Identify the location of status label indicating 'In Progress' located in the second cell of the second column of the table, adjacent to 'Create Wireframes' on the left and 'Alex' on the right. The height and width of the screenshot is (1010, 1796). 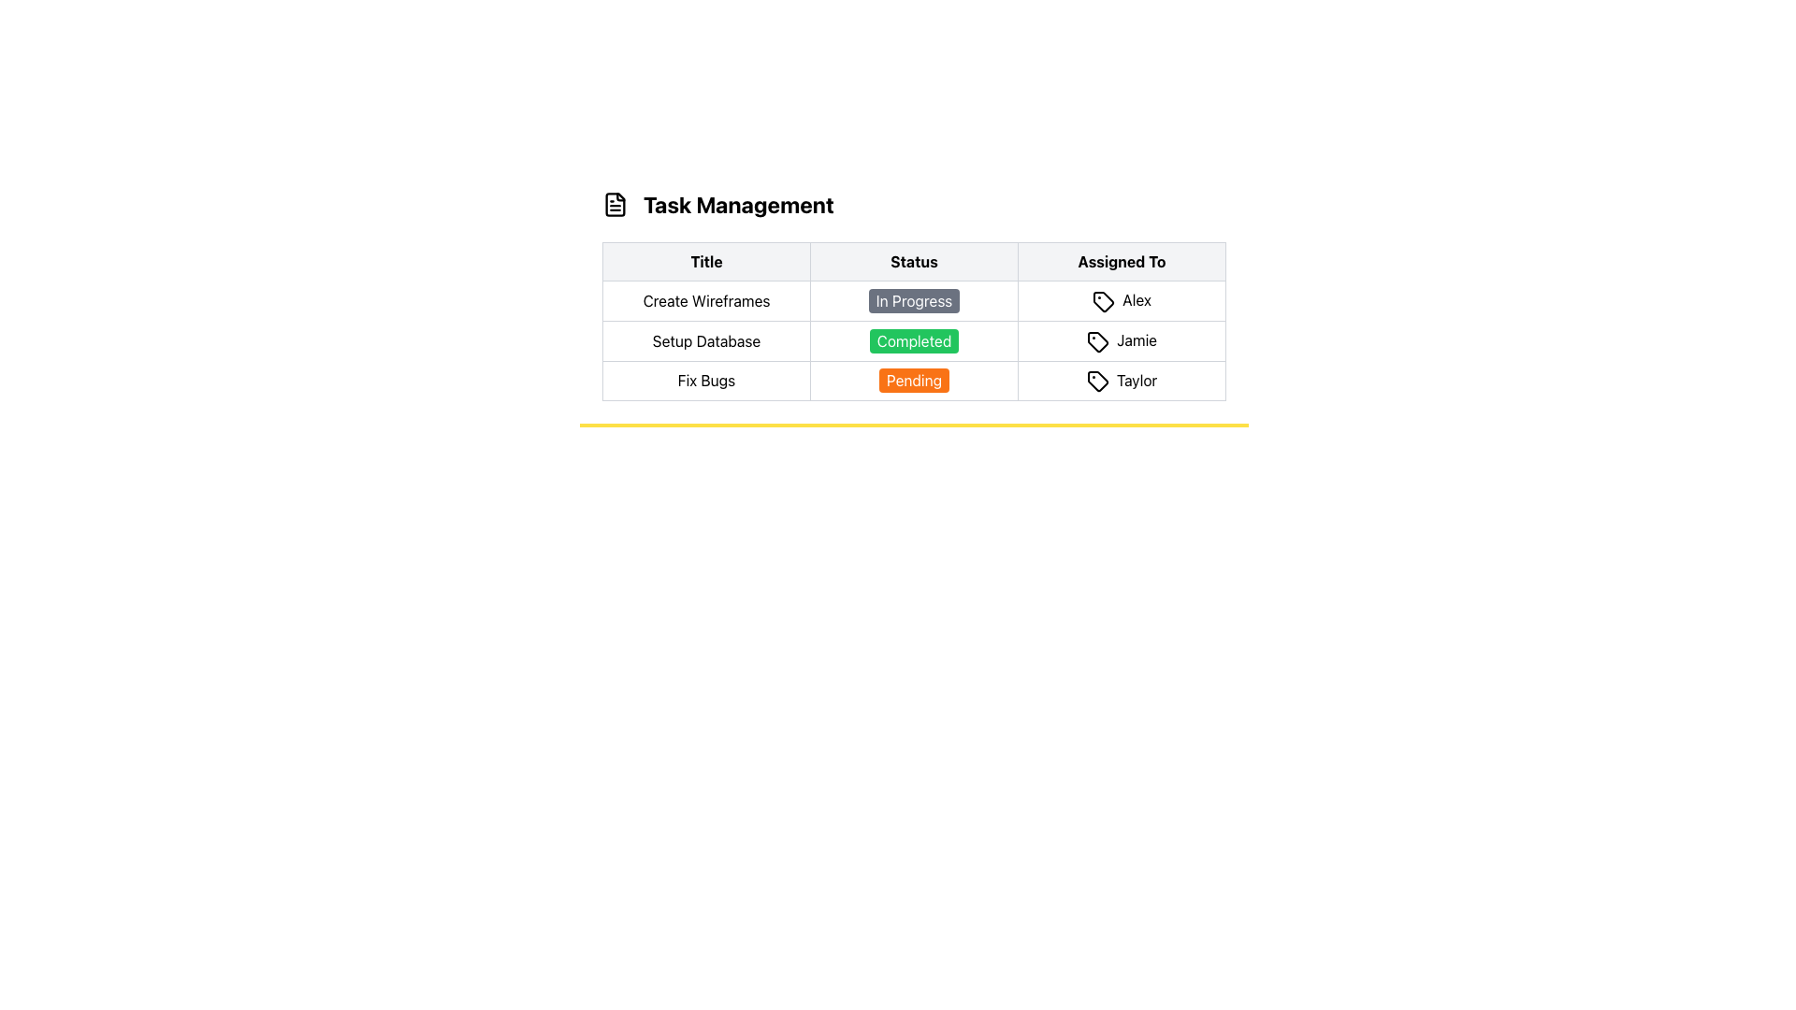
(914, 299).